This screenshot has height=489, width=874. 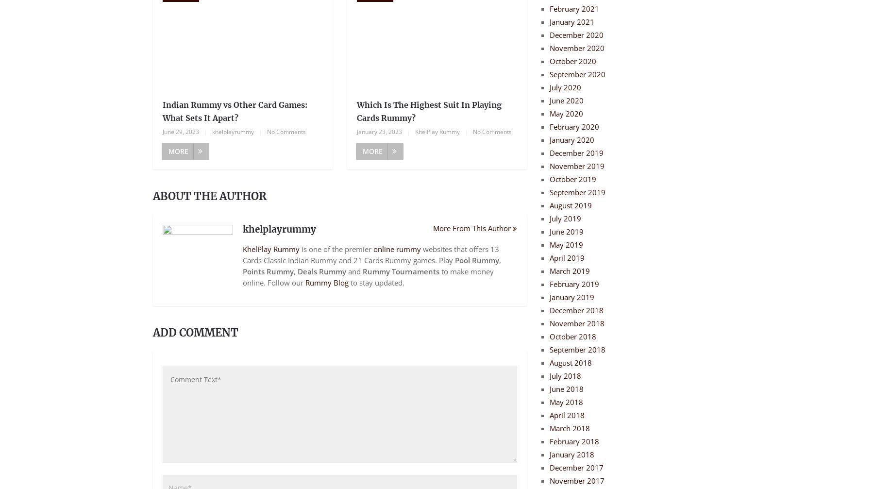 What do you see at coordinates (376, 282) in the screenshot?
I see `'to stay updated.'` at bounding box center [376, 282].